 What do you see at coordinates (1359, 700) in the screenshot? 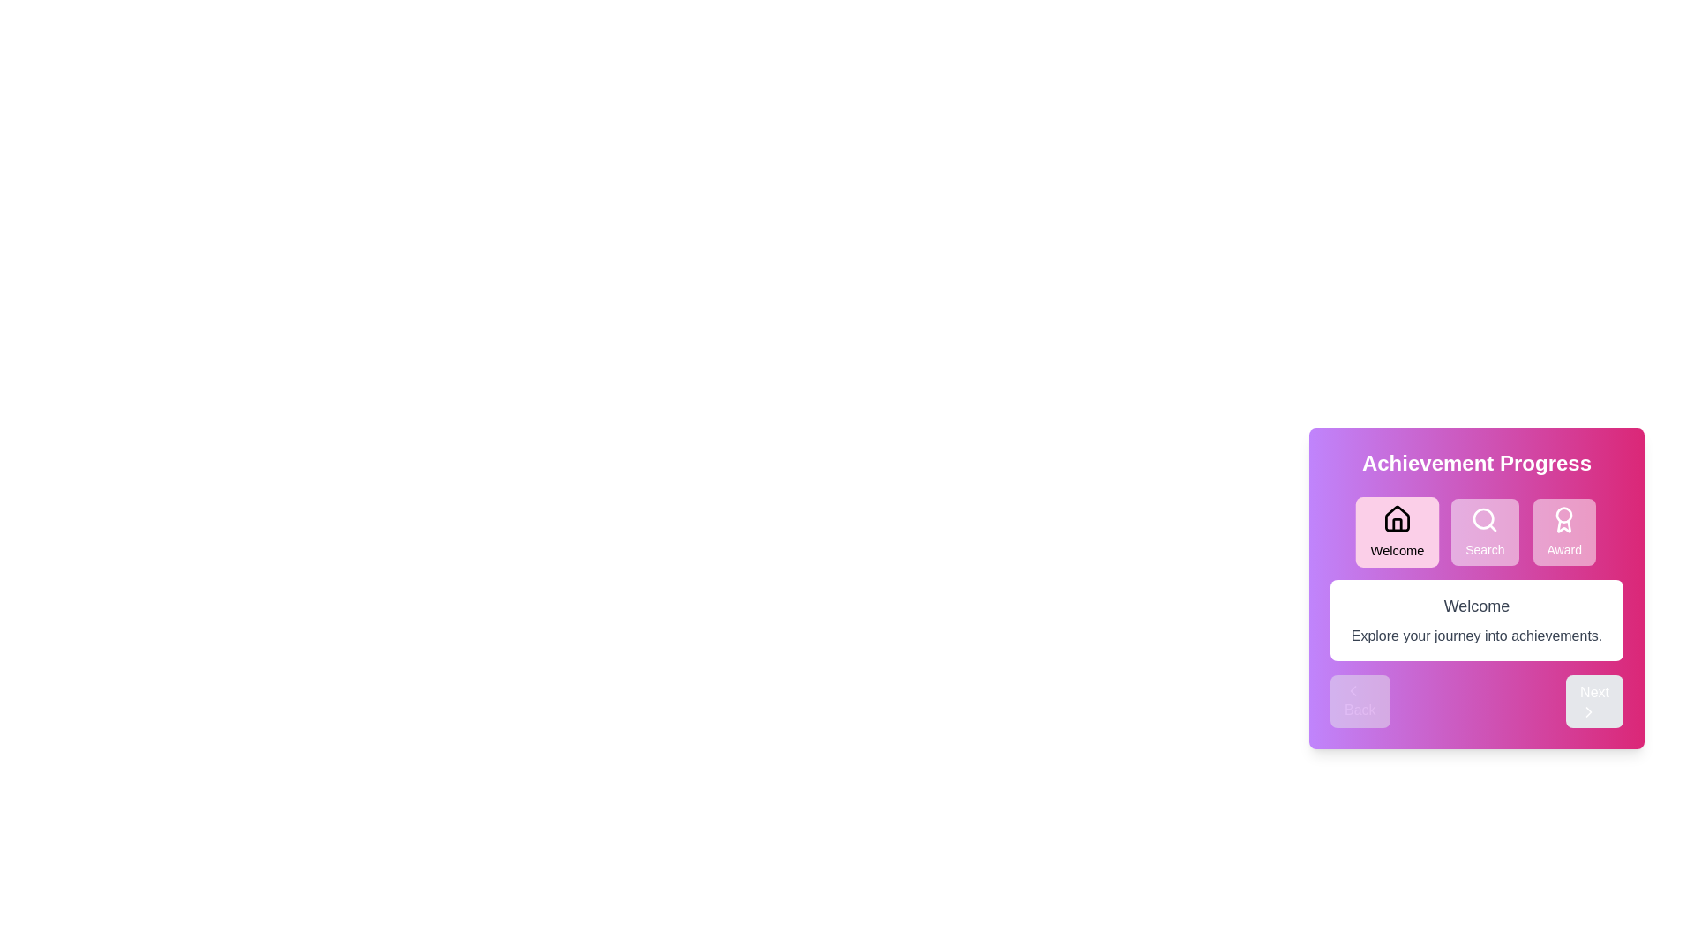
I see `the 'Back' button to navigate to the previous step` at bounding box center [1359, 700].